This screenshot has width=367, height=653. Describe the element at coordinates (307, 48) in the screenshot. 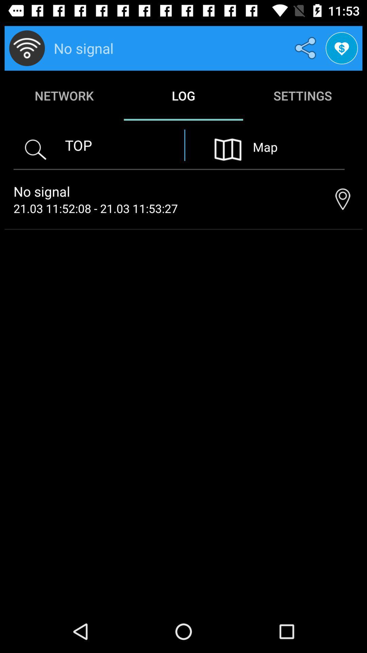

I see `the share icon` at that location.